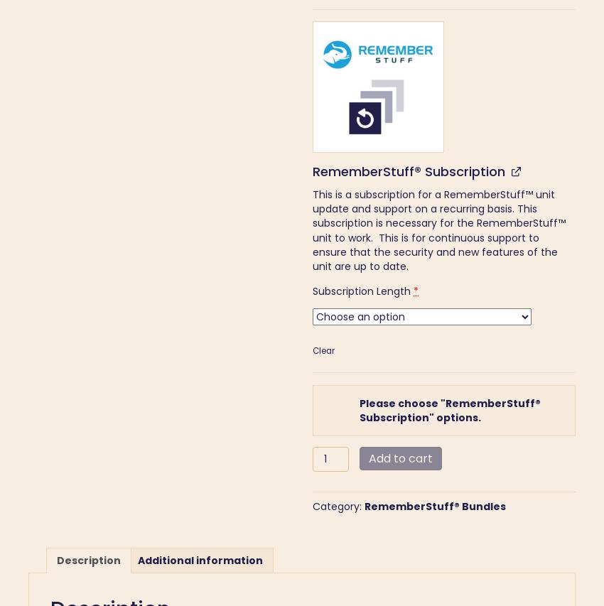 The image size is (604, 606). I want to click on 'Please choose "RememberStuff® Subscription" options.', so click(449, 409).